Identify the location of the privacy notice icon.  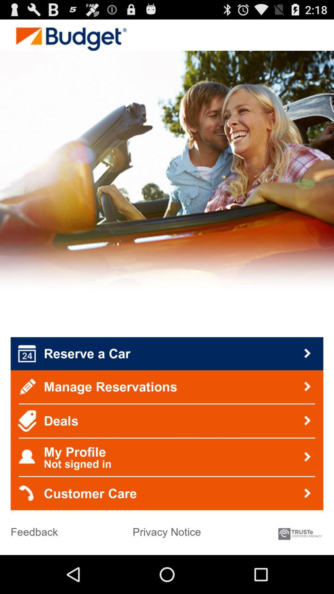
(166, 529).